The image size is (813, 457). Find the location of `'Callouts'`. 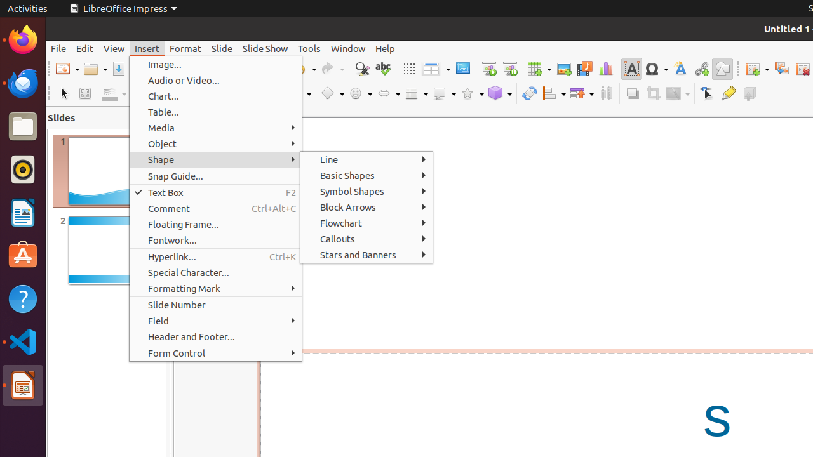

'Callouts' is located at coordinates (366, 239).